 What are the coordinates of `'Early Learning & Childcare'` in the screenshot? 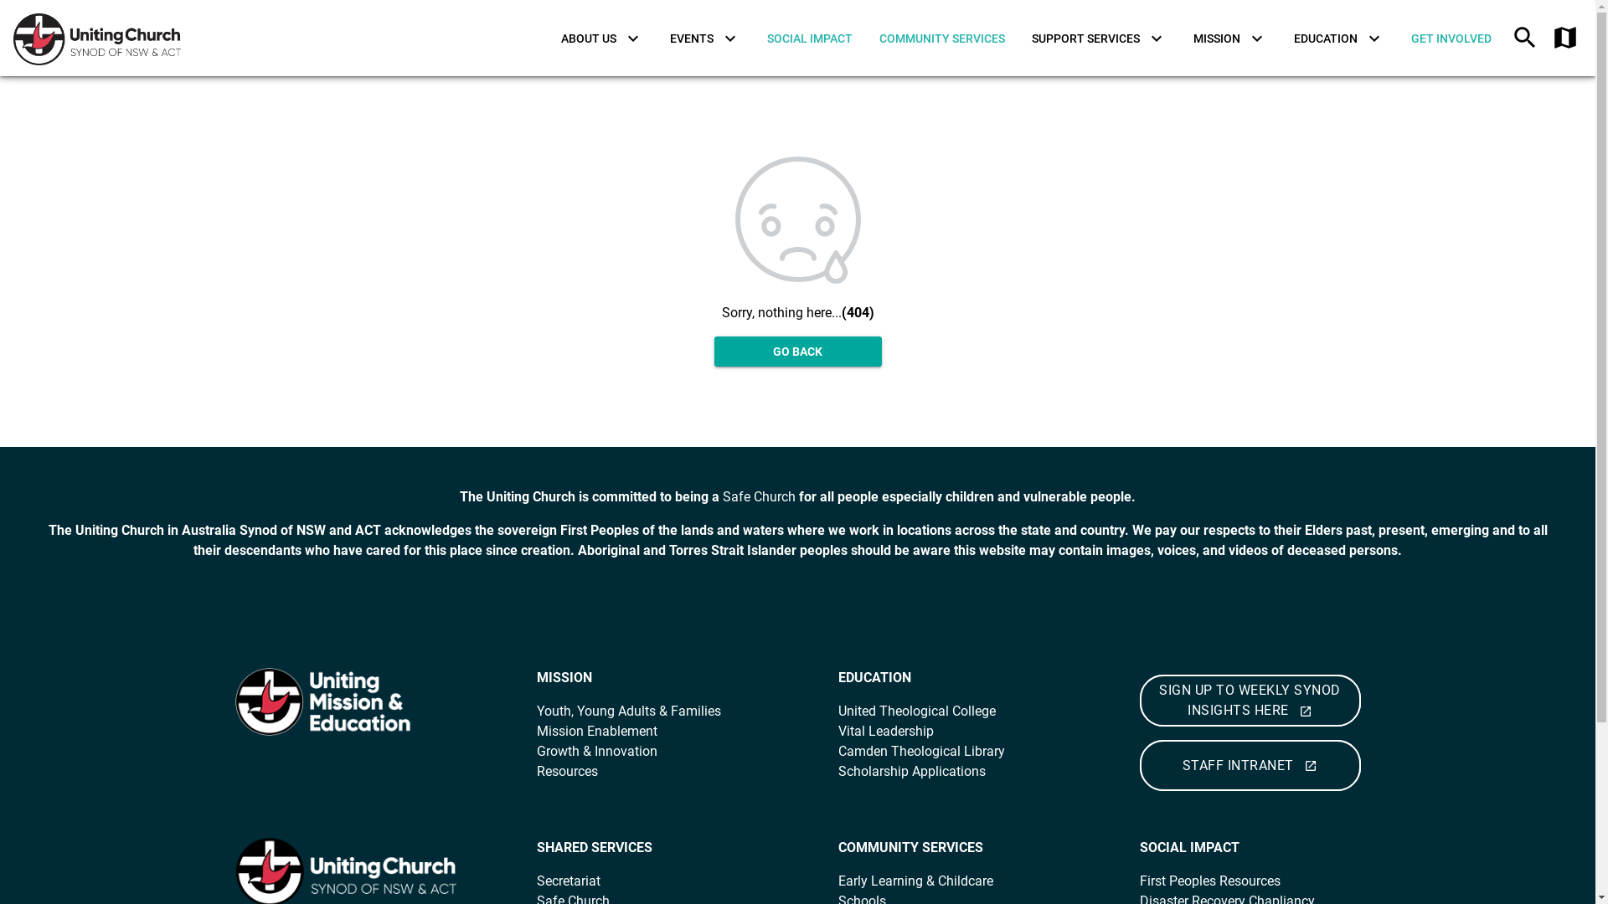 It's located at (914, 880).